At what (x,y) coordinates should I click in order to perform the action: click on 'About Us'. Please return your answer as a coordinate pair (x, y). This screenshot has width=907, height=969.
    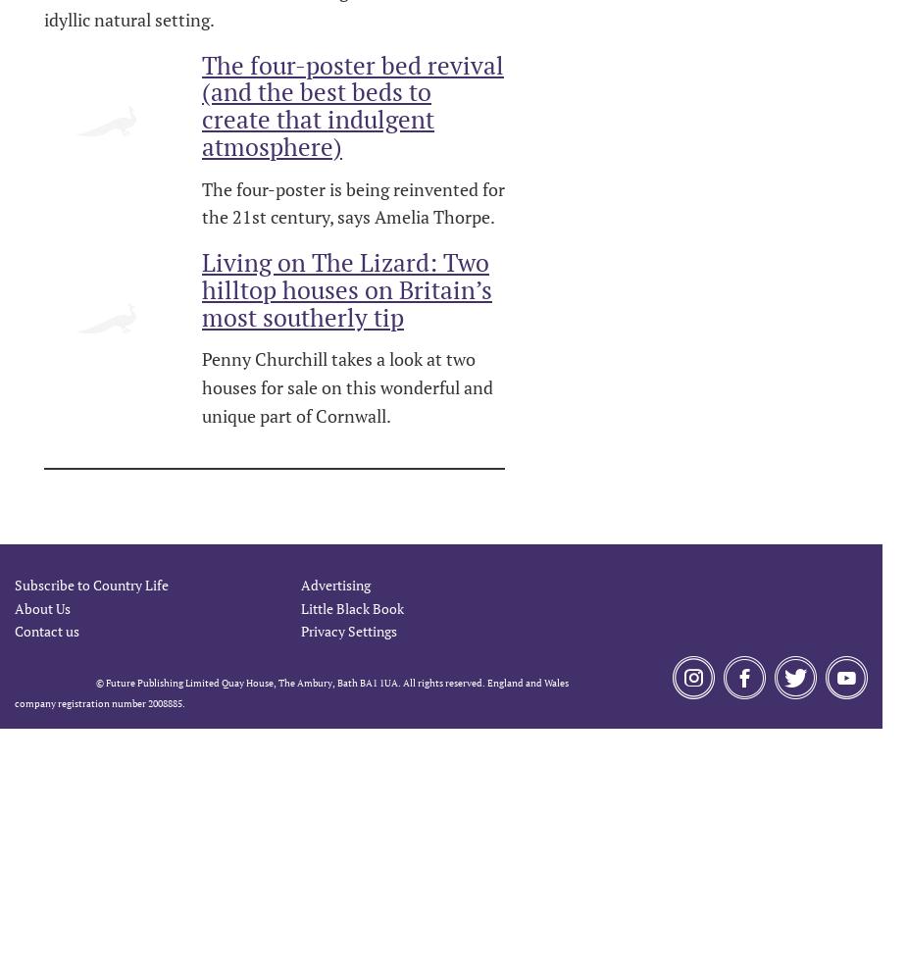
    Looking at the image, I should click on (41, 606).